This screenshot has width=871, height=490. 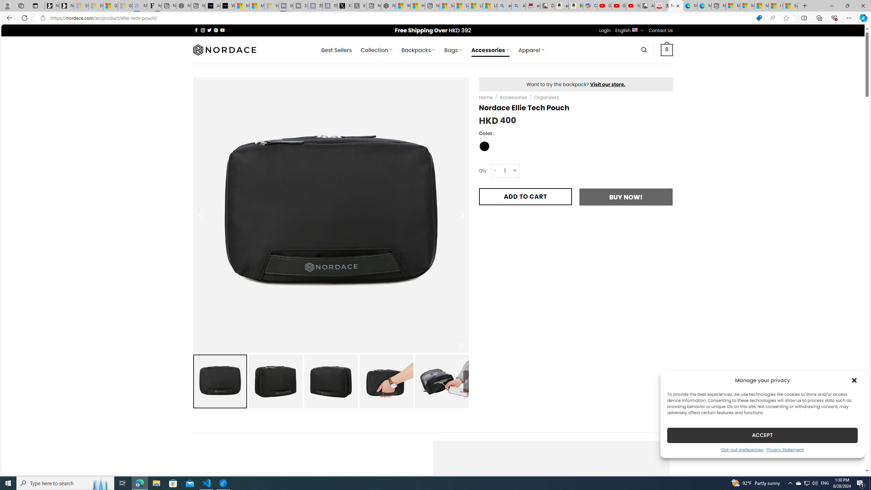 What do you see at coordinates (495, 170) in the screenshot?
I see `'-'` at bounding box center [495, 170].